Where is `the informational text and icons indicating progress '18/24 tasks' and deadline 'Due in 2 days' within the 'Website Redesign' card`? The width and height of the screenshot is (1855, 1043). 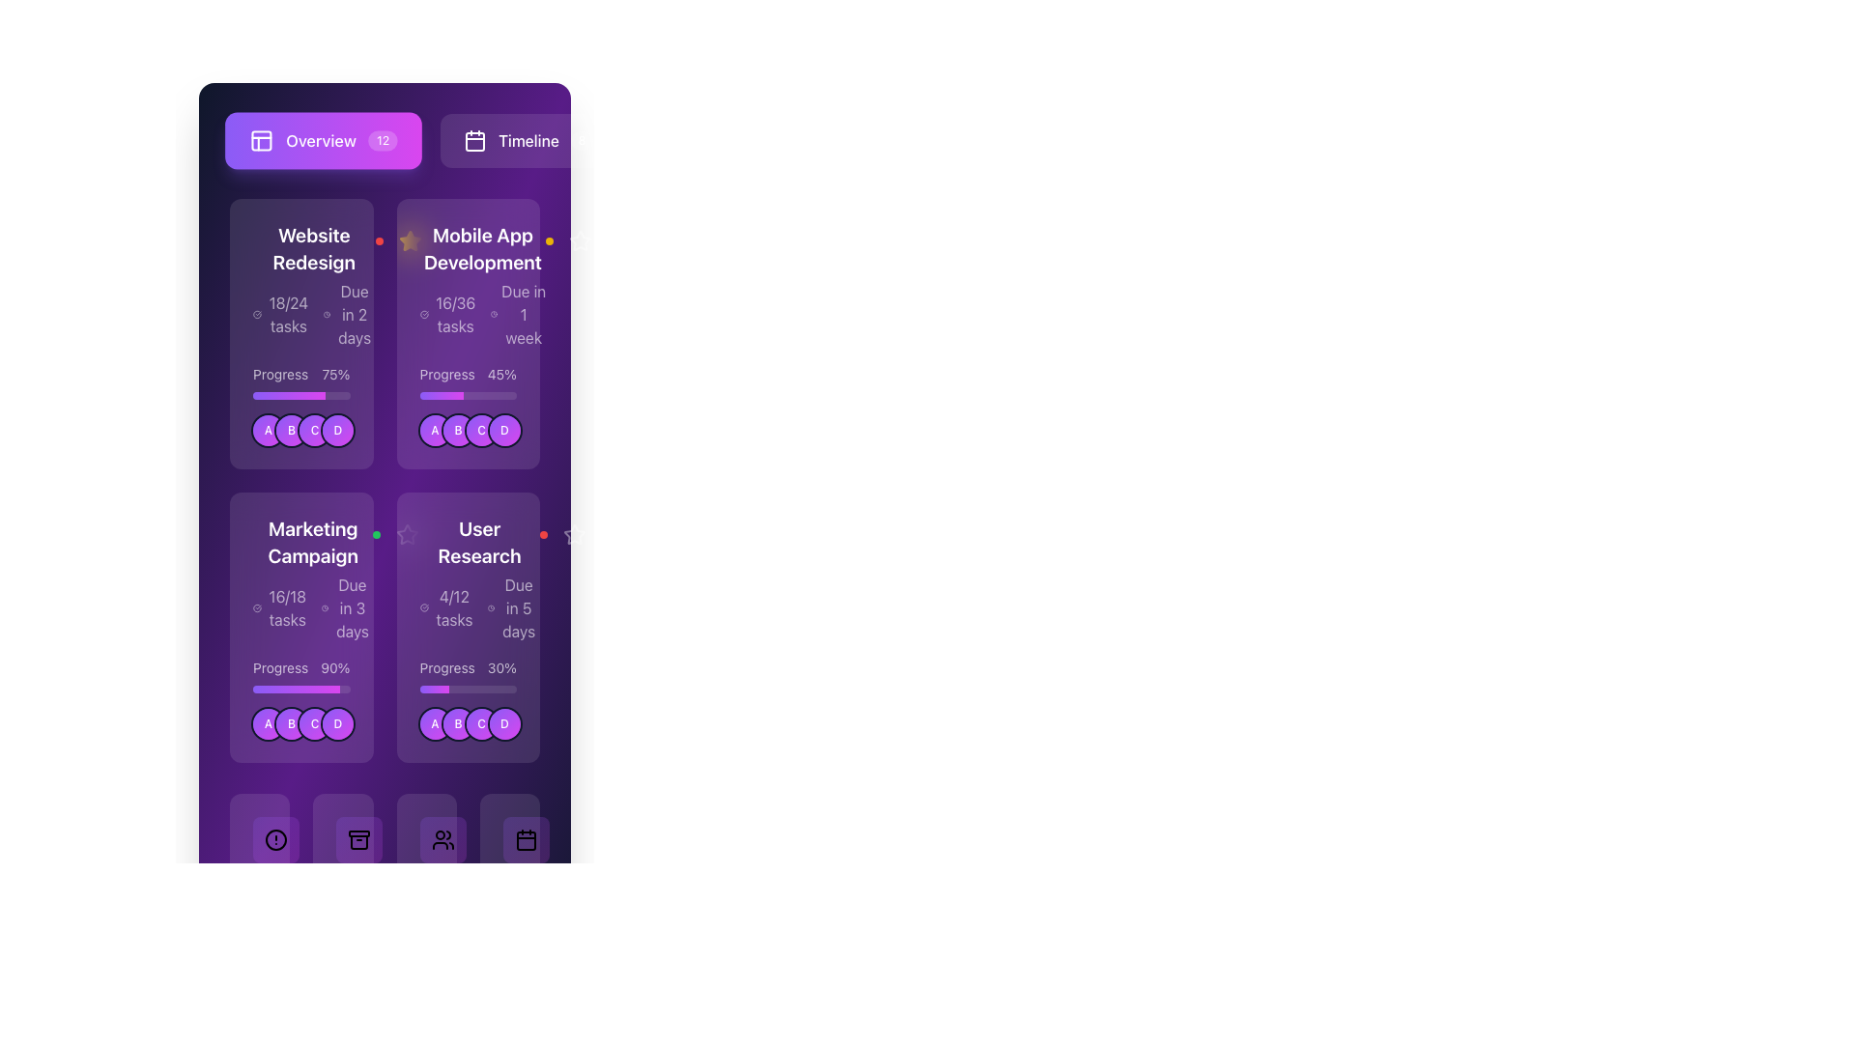 the informational text and icons indicating progress '18/24 tasks' and deadline 'Due in 2 days' within the 'Website Redesign' card is located at coordinates (314, 314).